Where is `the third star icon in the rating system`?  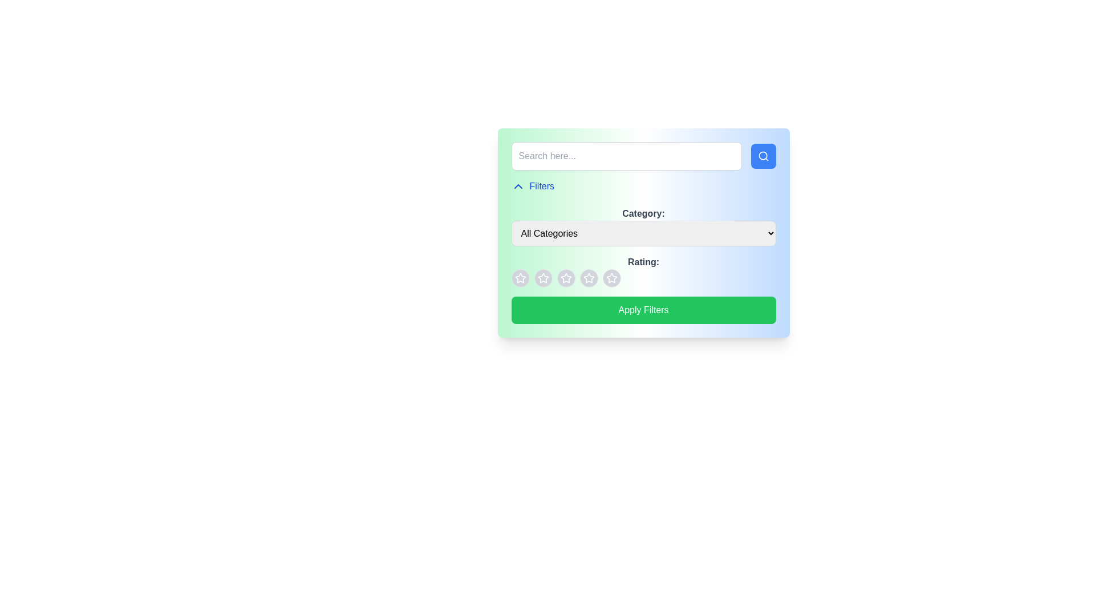
the third star icon in the rating system is located at coordinates (589, 278).